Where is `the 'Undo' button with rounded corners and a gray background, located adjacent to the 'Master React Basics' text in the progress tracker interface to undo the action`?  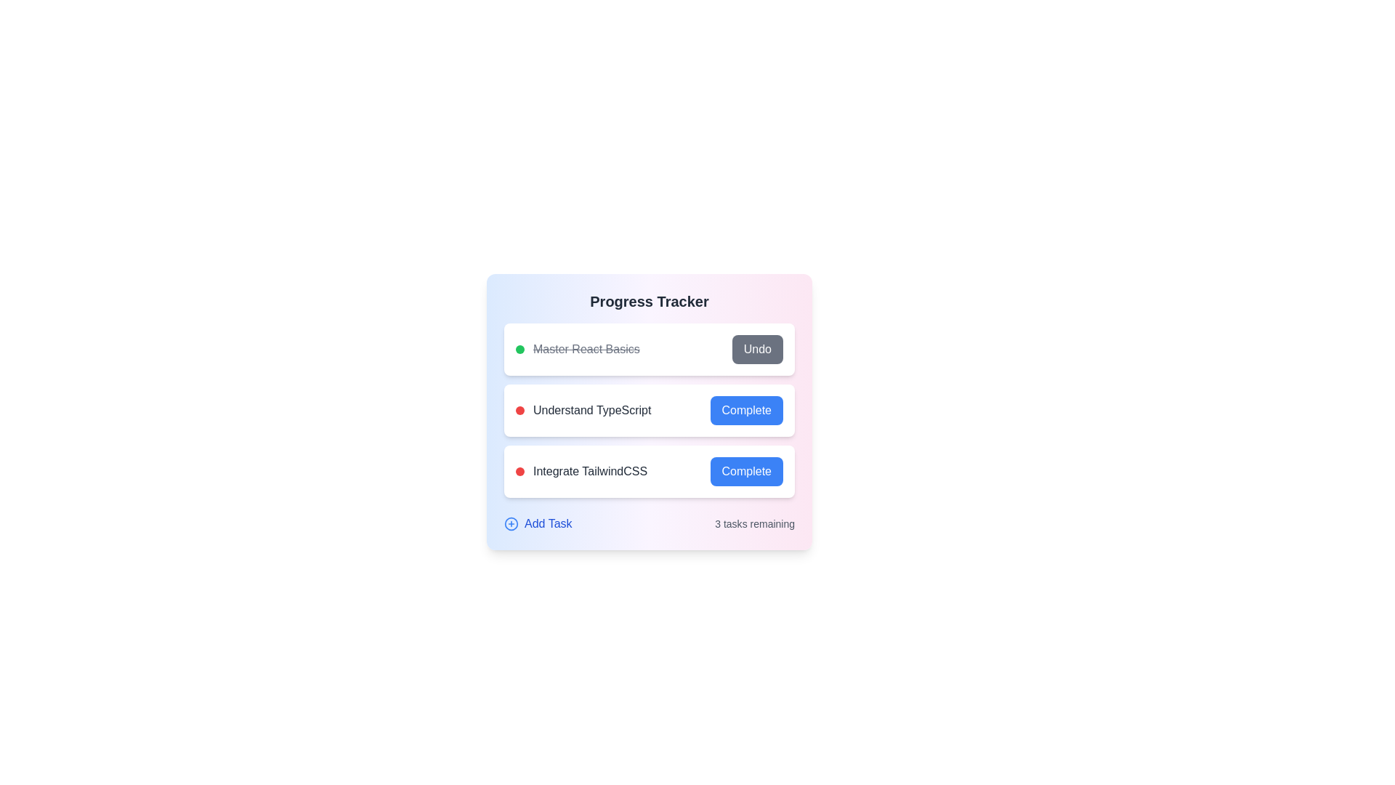
the 'Undo' button with rounded corners and a gray background, located adjacent to the 'Master React Basics' text in the progress tracker interface to undo the action is located at coordinates (756, 350).